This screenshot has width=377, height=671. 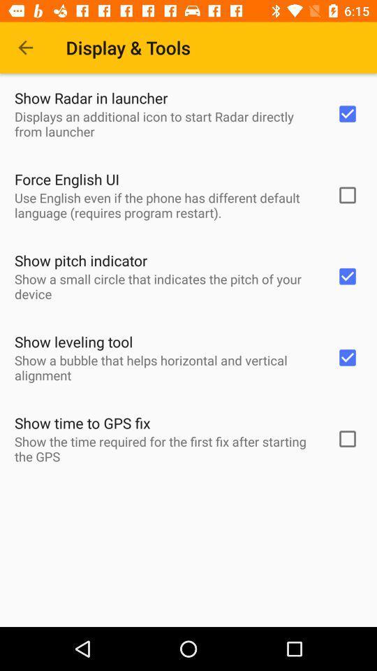 I want to click on icon above the show radar in, so click(x=25, y=48).